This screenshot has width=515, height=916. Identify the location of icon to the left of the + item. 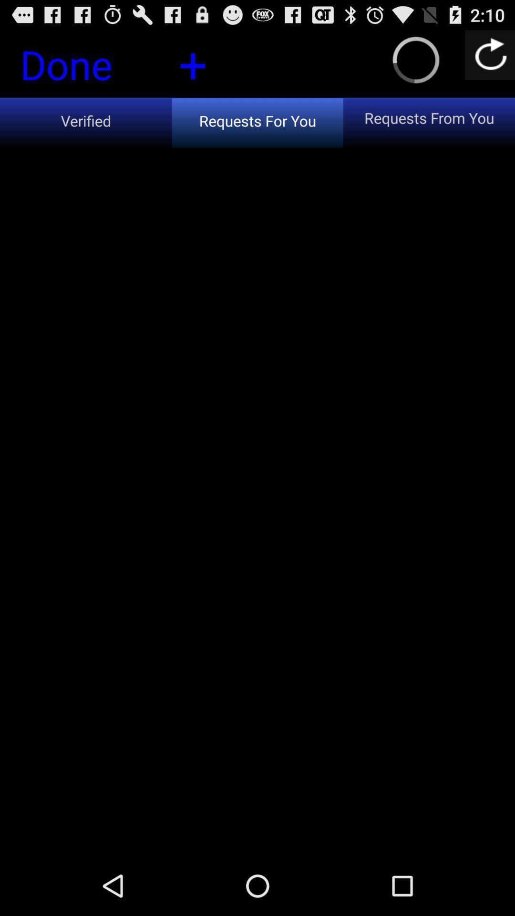
(82, 67).